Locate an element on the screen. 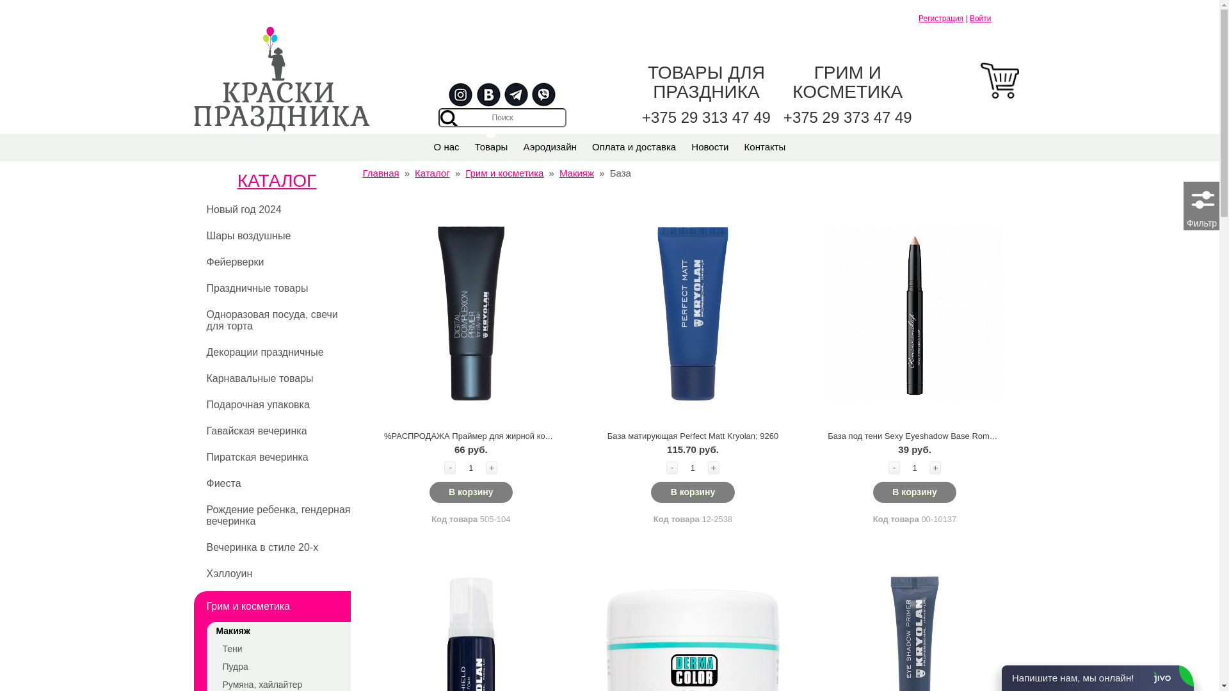  'viber' is located at coordinates (543, 95).